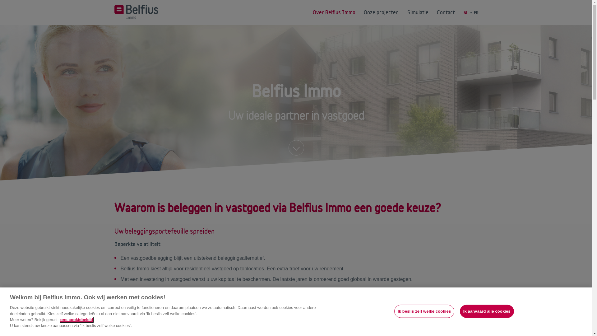  What do you see at coordinates (486, 311) in the screenshot?
I see `'Ik aanvaard alle cookies'` at bounding box center [486, 311].